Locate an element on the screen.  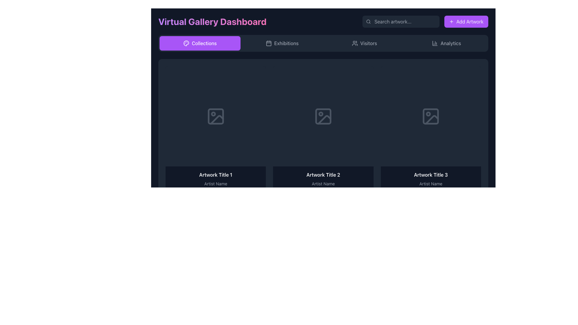
the fourth button in the top navigation menu, which leads to the Analytics section is located at coordinates (446, 43).